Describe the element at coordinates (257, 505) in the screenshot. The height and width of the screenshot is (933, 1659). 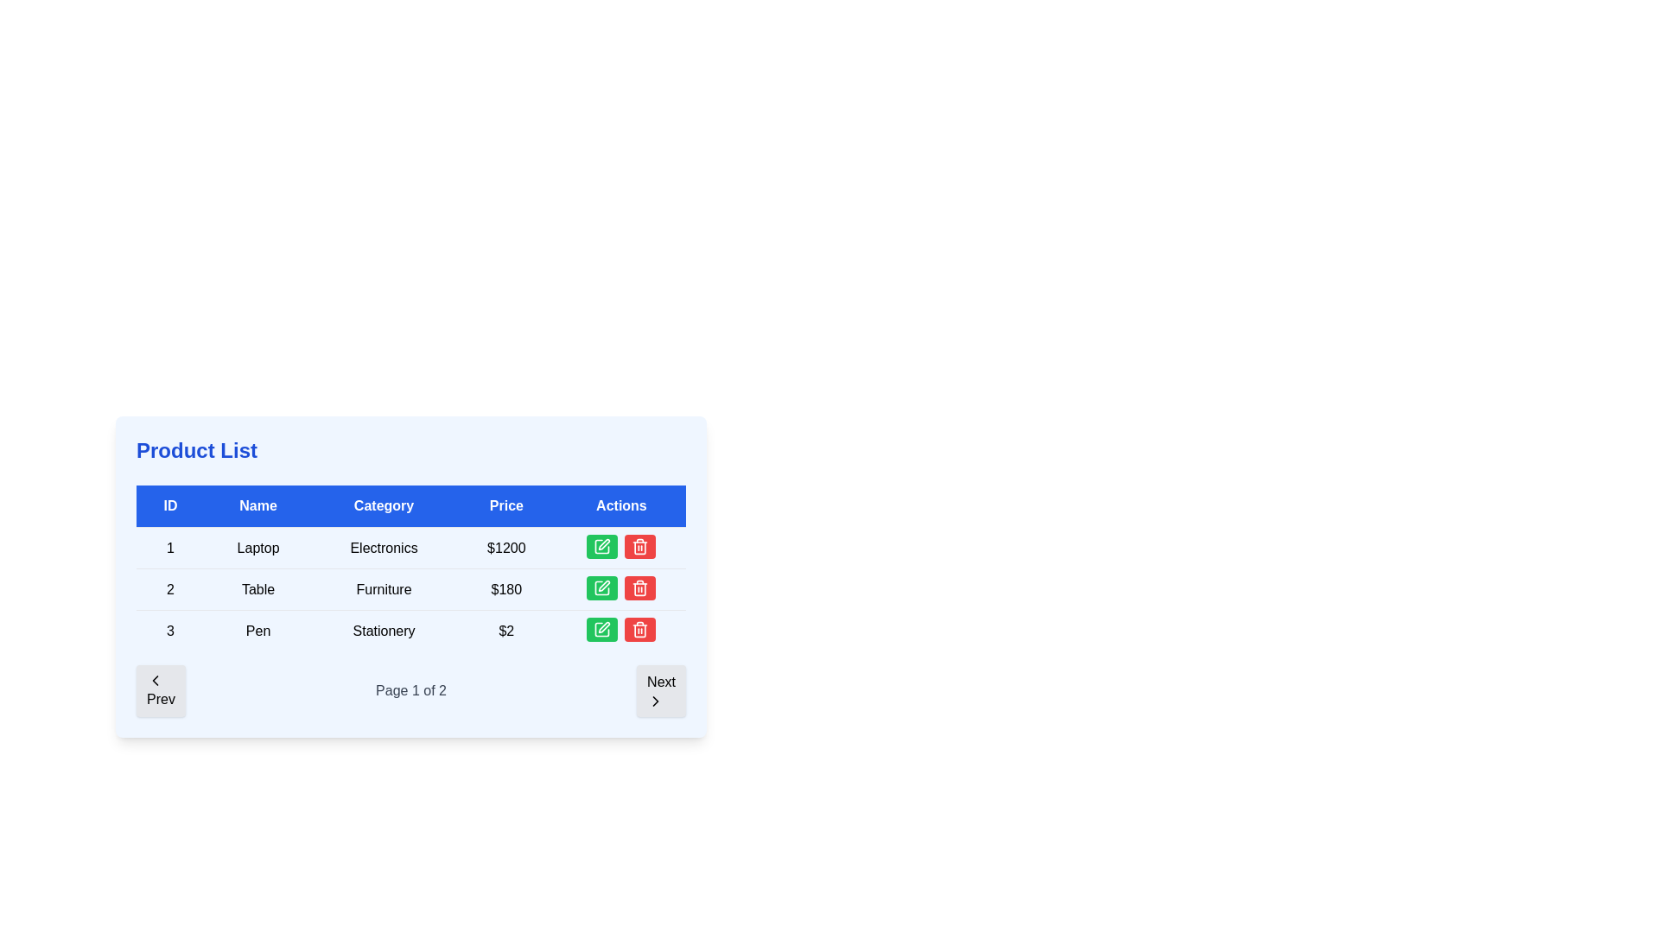
I see `the static text label indicating the 'Name' column, which is positioned between the 'ID' and 'Category' headers in the table's header section` at that location.